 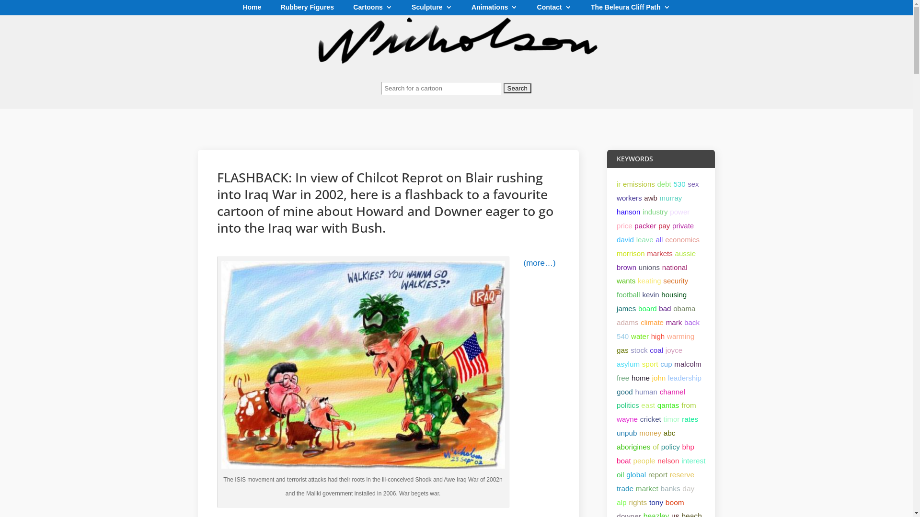 I want to click on 'qantas', so click(x=668, y=405).